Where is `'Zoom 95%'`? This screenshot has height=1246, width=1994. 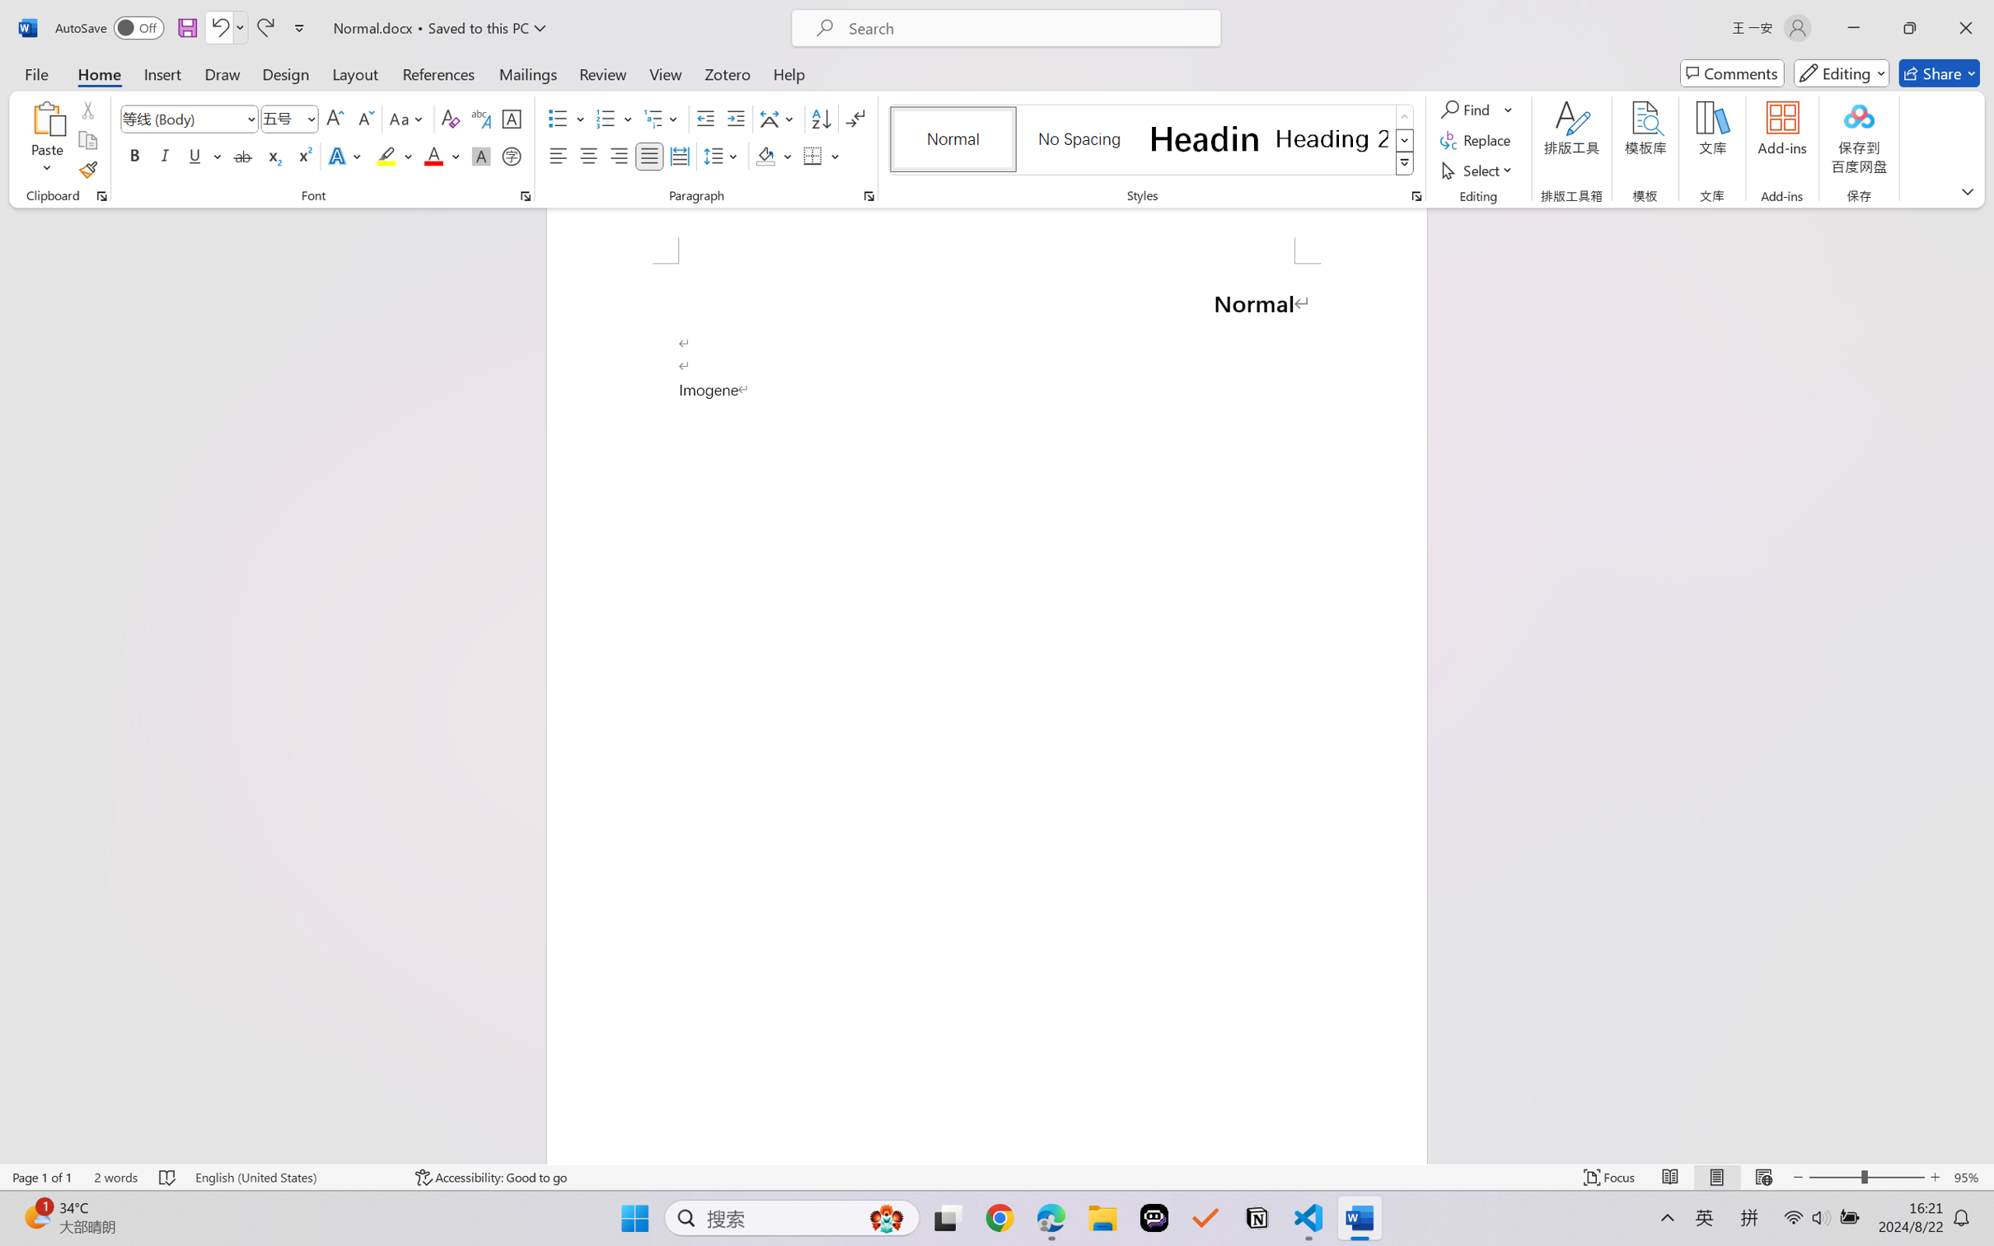
'Zoom 95%' is located at coordinates (1969, 1177).